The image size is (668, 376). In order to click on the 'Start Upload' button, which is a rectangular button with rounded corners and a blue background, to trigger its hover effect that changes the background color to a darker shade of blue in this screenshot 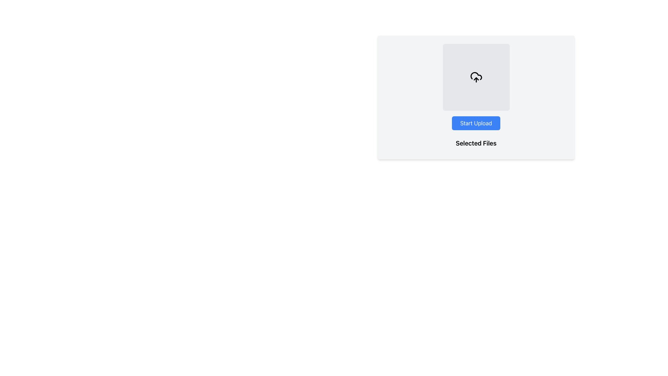, I will do `click(476, 123)`.